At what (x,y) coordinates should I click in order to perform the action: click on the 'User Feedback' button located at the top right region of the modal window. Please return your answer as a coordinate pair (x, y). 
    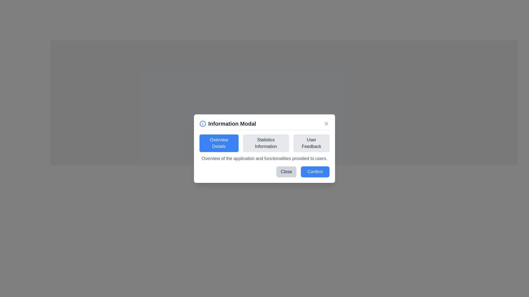
    Looking at the image, I should click on (311, 143).